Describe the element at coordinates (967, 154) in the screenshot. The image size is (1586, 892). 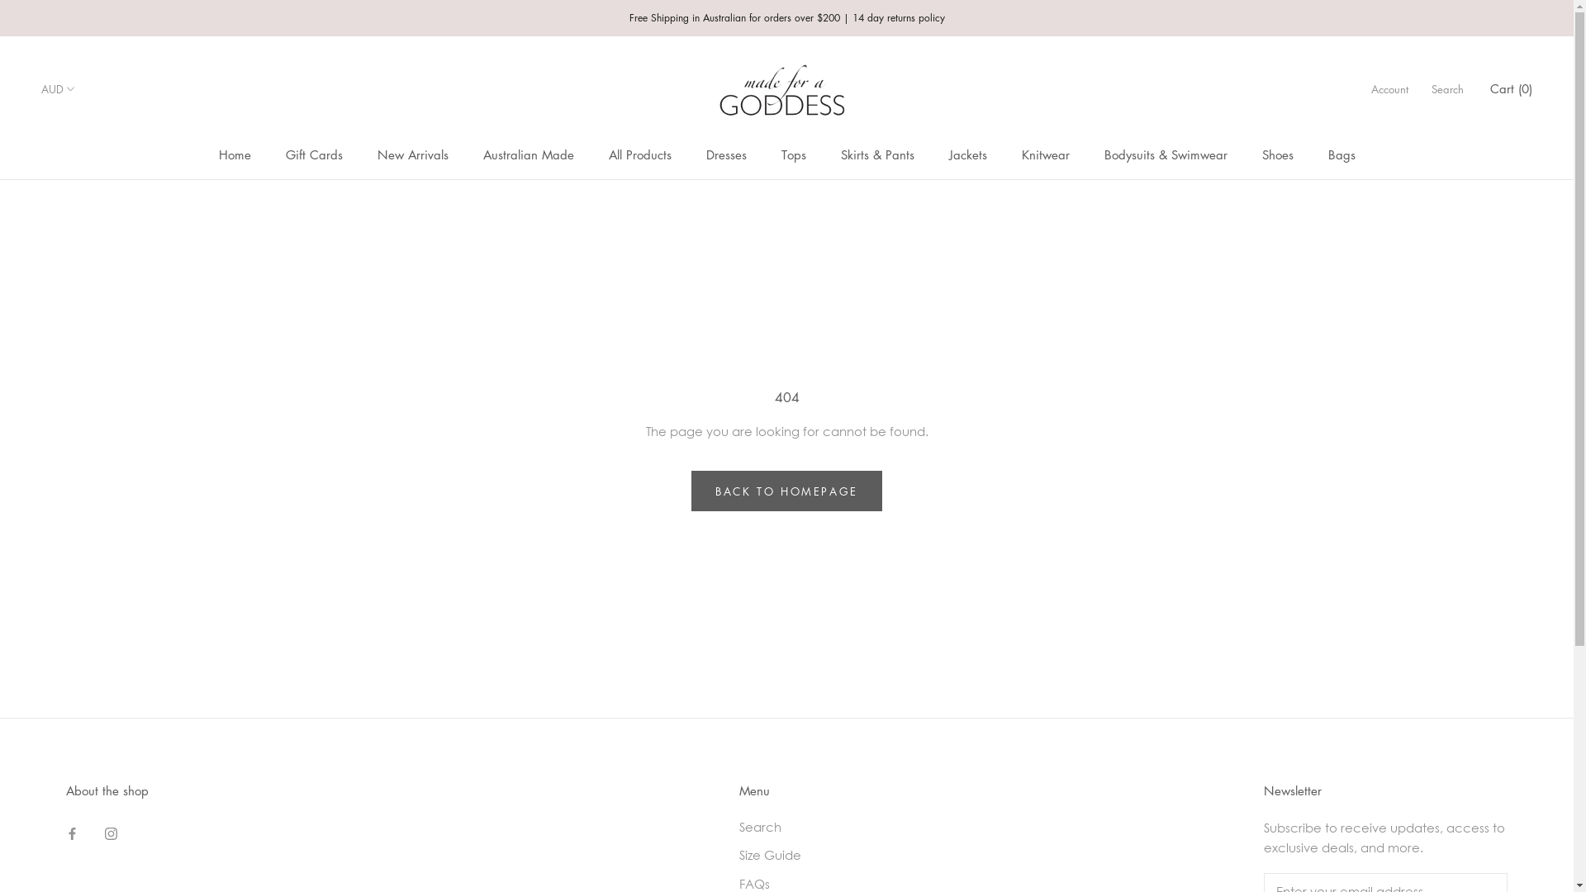
I see `'Jackets` at that location.